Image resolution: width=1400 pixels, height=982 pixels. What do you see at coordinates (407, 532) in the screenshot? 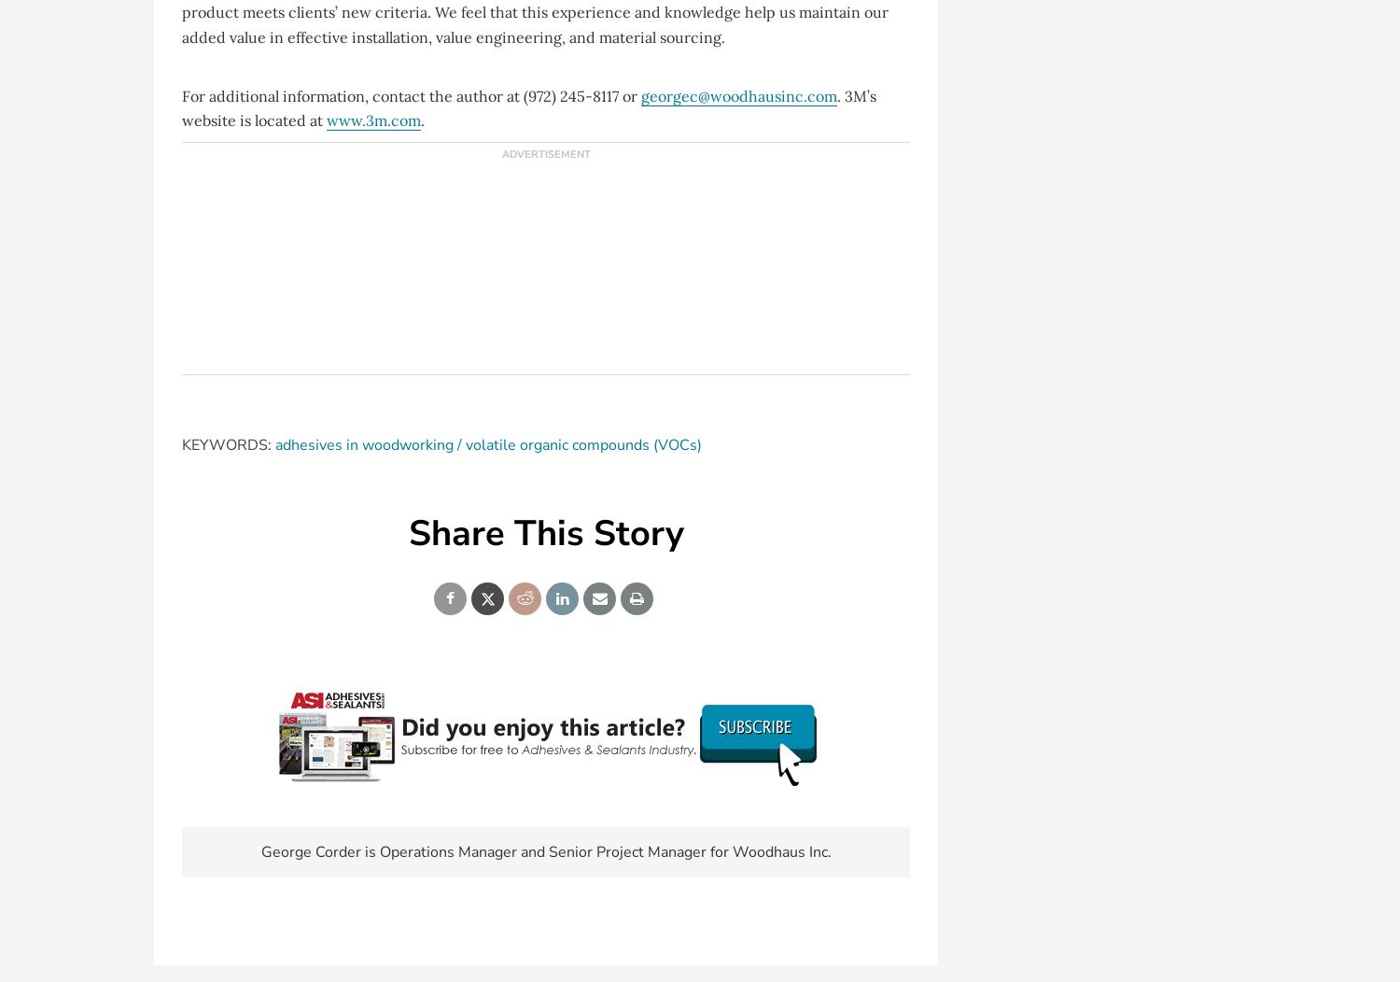
I see `'Share This Story'` at bounding box center [407, 532].